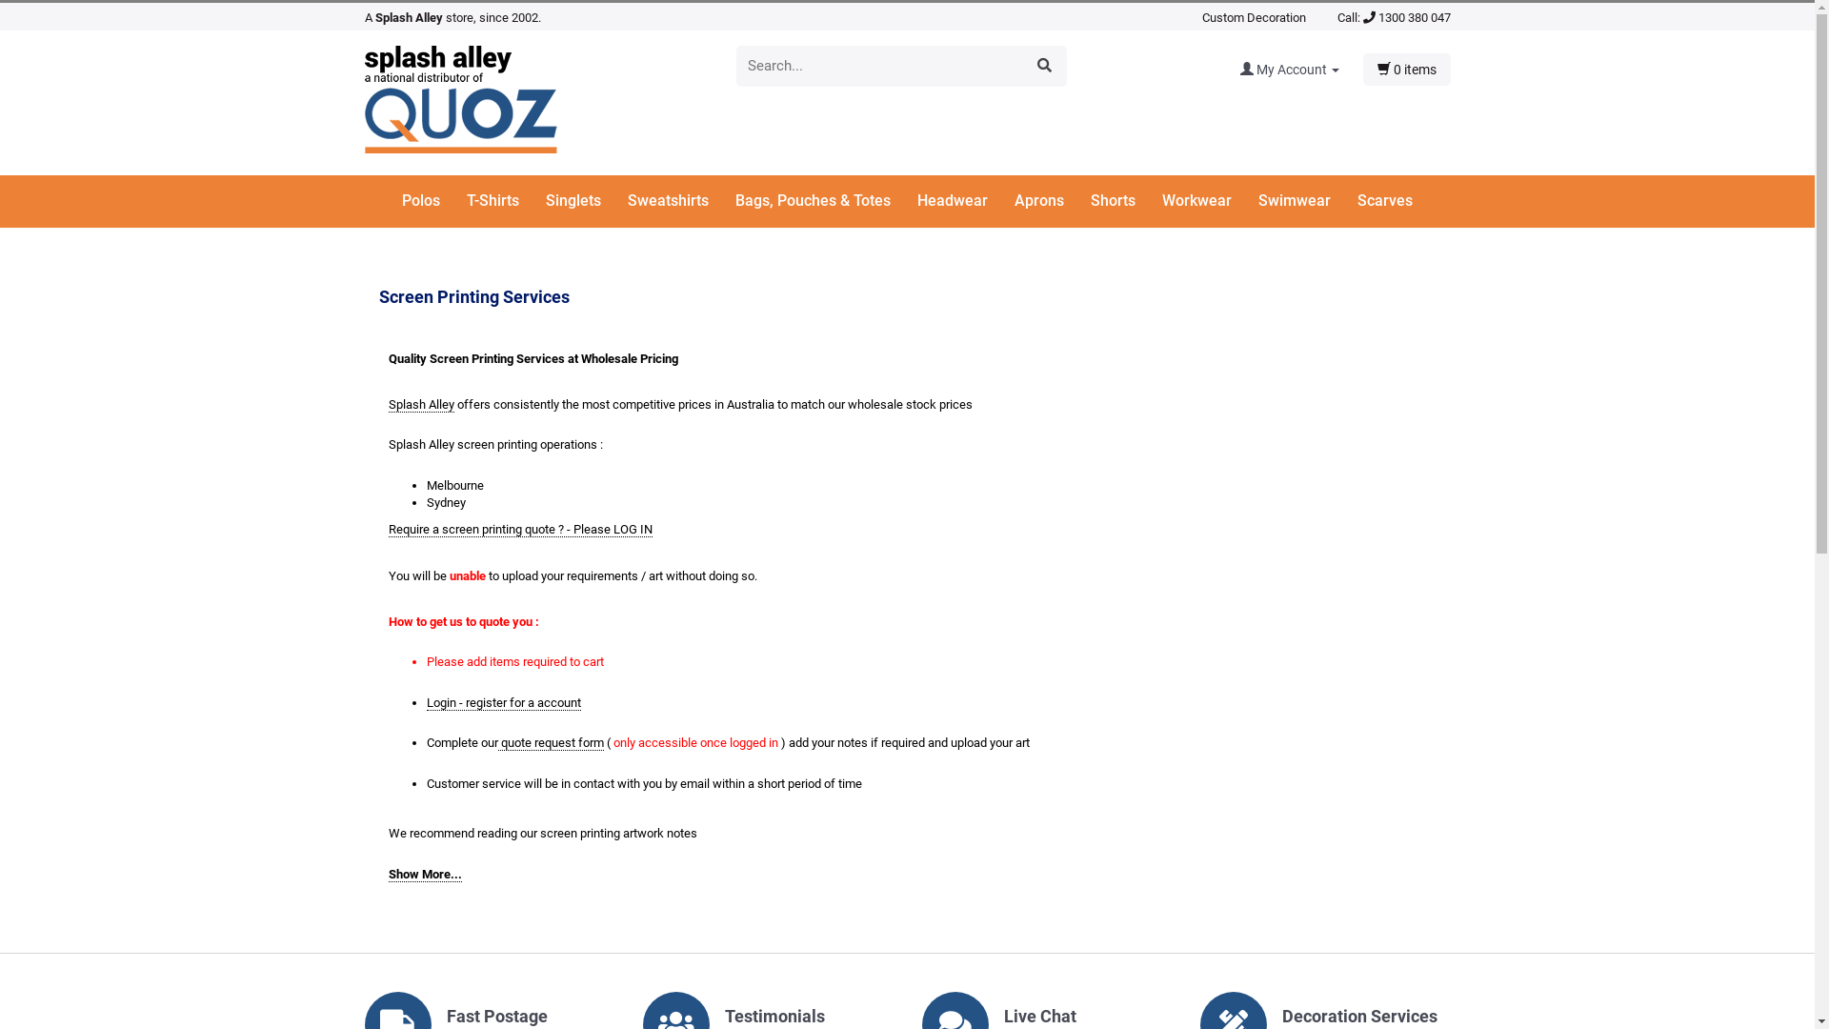 This screenshot has height=1029, width=1829. What do you see at coordinates (432, 201) in the screenshot?
I see `'Polos'` at bounding box center [432, 201].